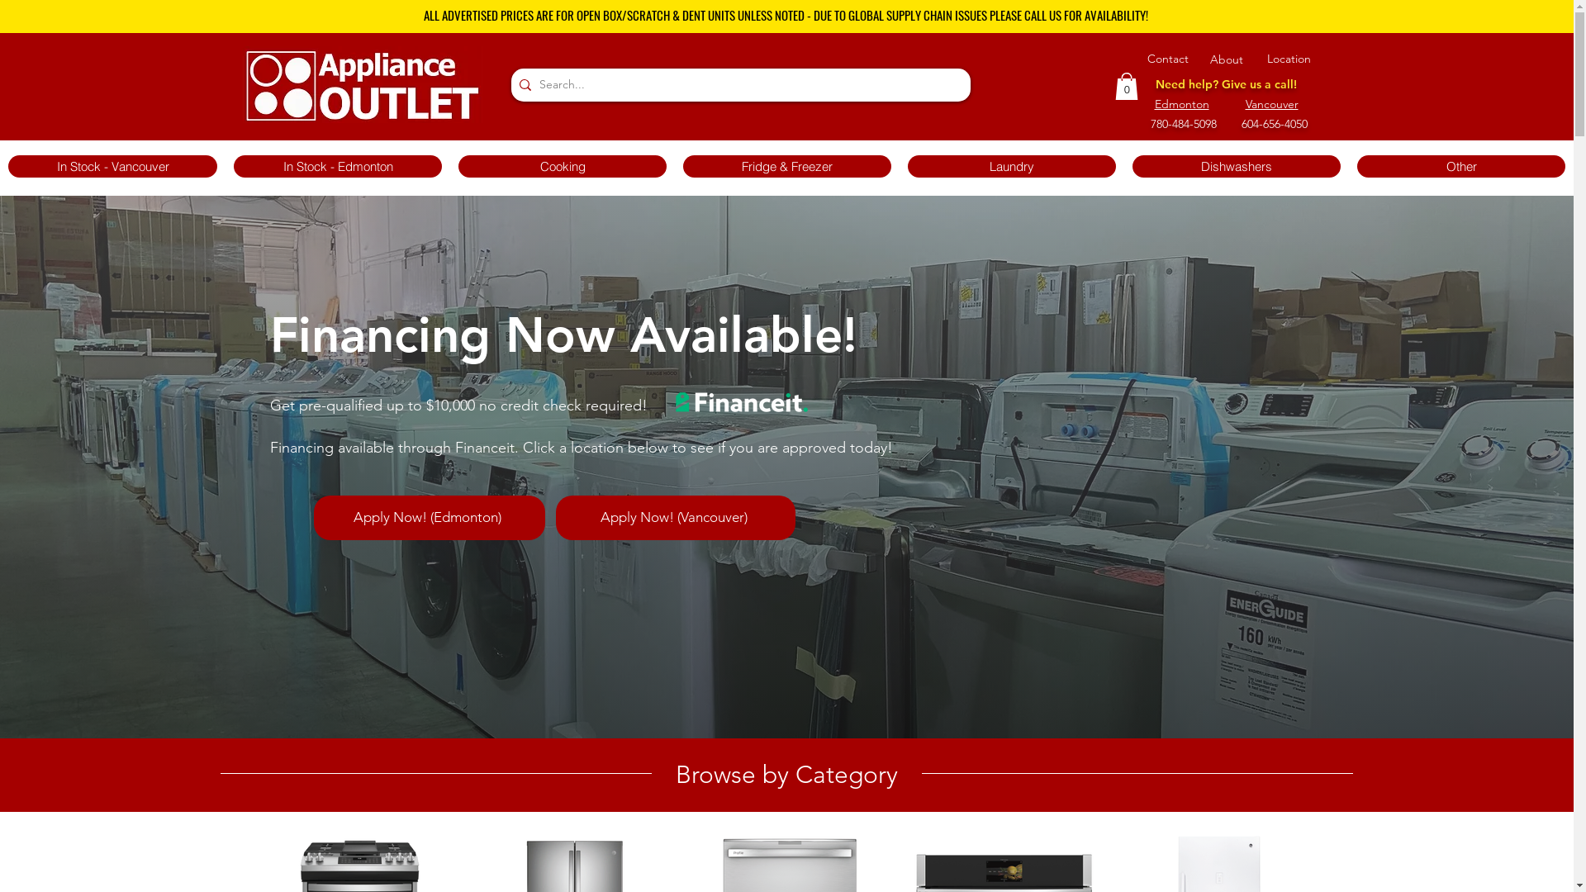 This screenshot has height=892, width=1586. I want to click on 'Laundry', so click(1010, 166).